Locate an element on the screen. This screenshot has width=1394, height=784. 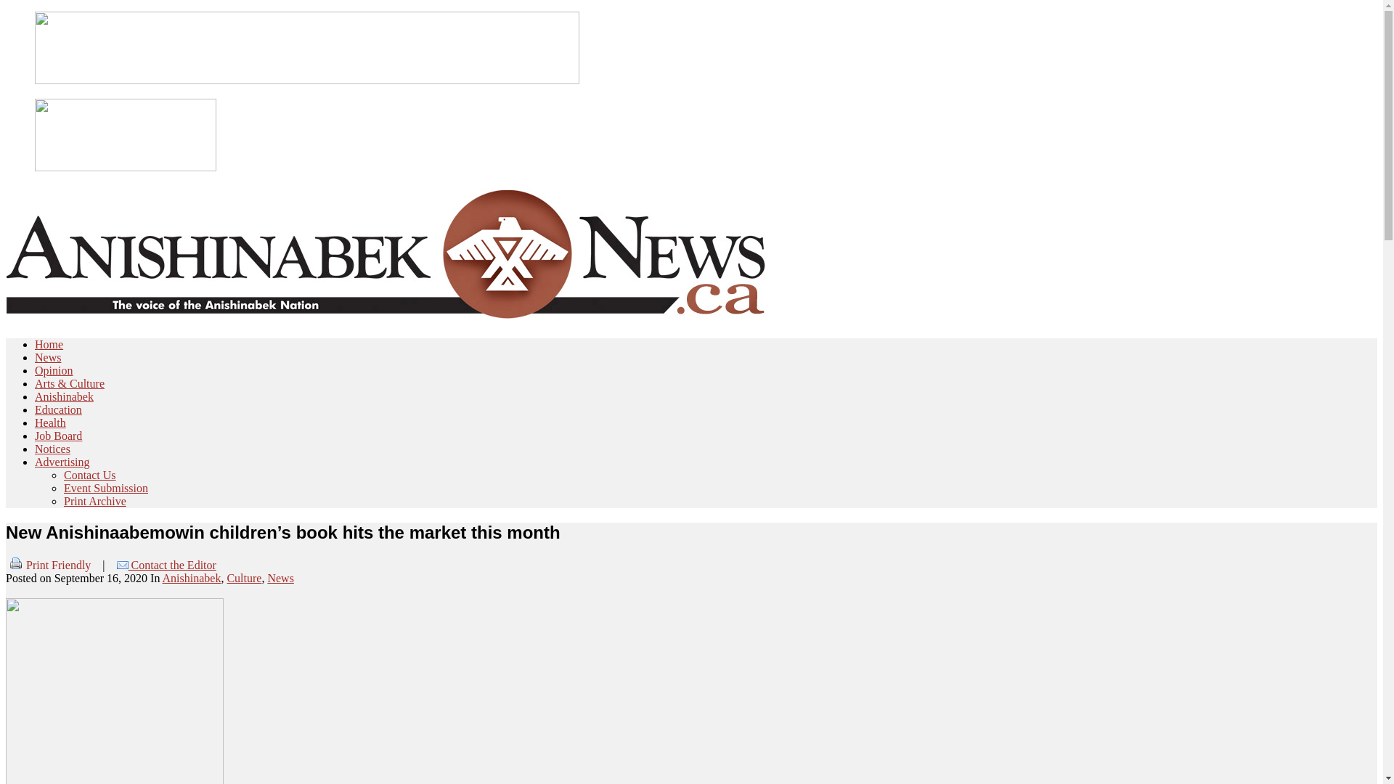
'Contact Us' is located at coordinates (62, 475).